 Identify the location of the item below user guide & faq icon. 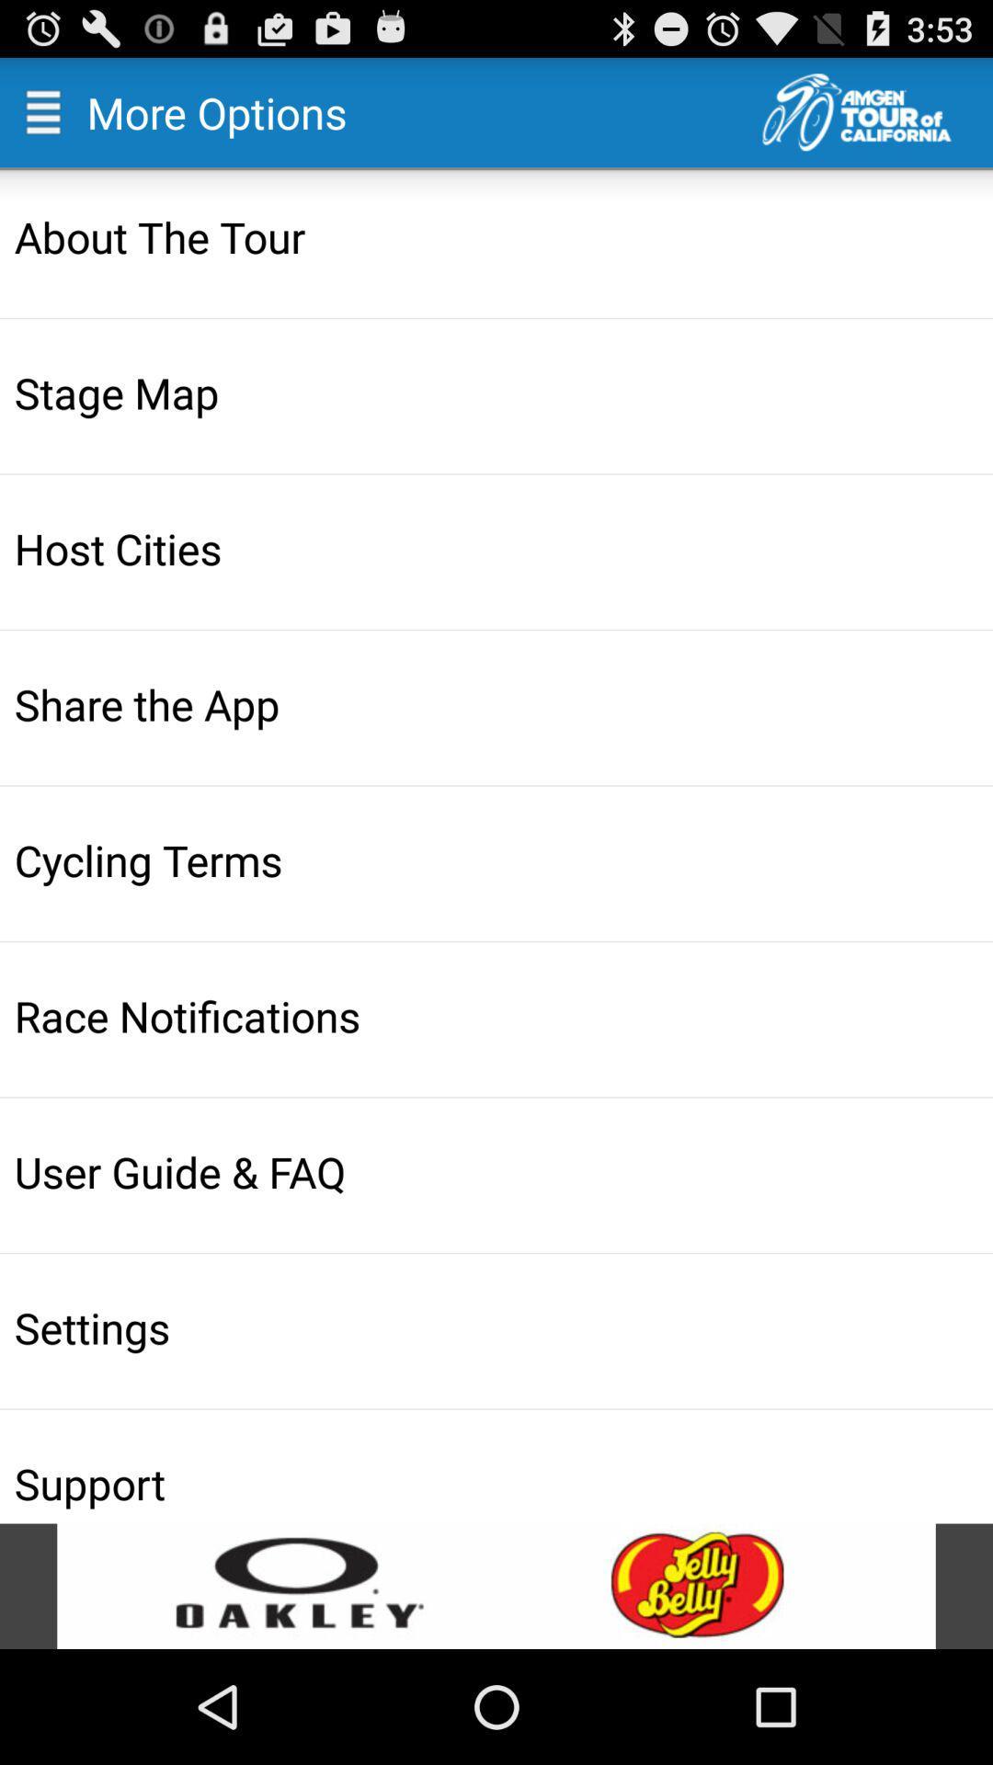
(498, 1327).